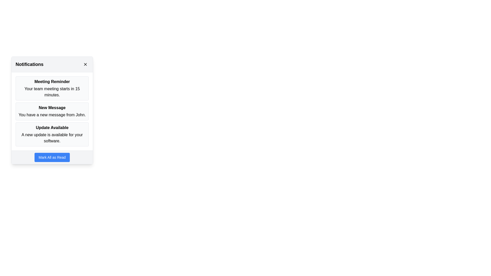  What do you see at coordinates (29, 64) in the screenshot?
I see `the Text Label that serves as the title for the notifications panel, which is located on the left side of the panel header, before the 'Close Panel' button and icon` at bounding box center [29, 64].